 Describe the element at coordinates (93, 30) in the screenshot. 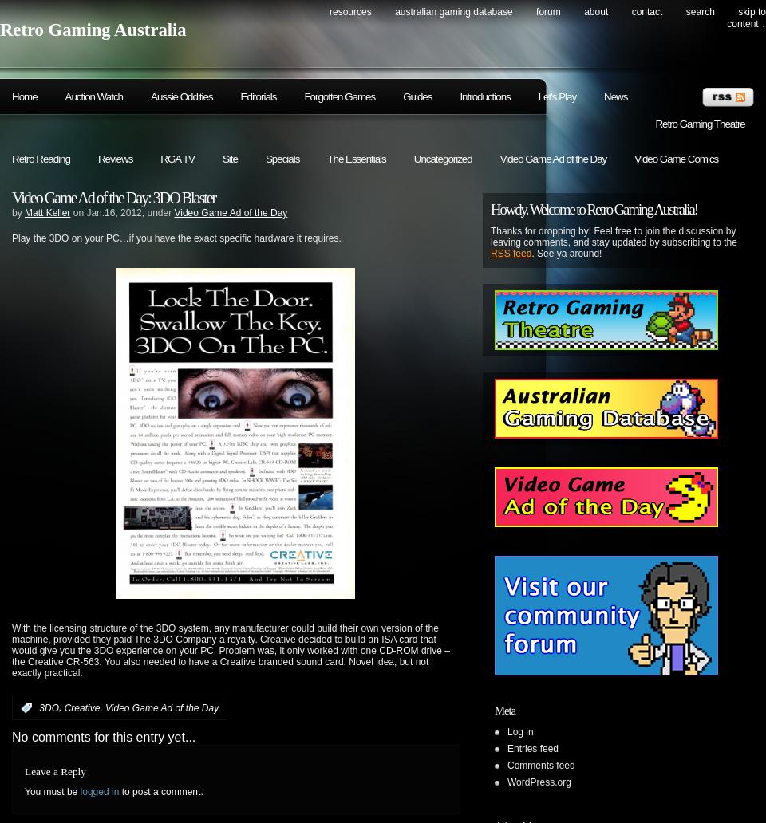

I see `'Retro Gaming Australia'` at that location.